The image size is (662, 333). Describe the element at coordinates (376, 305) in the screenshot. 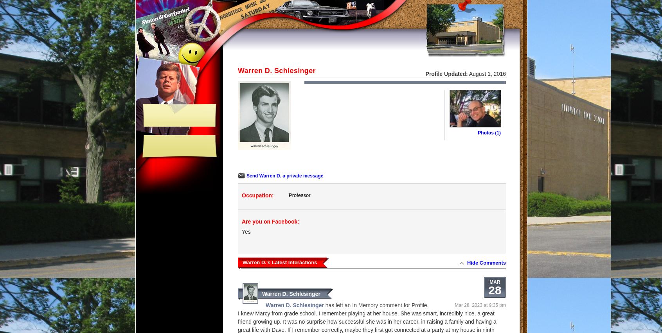

I see `'has left an In Memory comment for  Profile.'` at that location.